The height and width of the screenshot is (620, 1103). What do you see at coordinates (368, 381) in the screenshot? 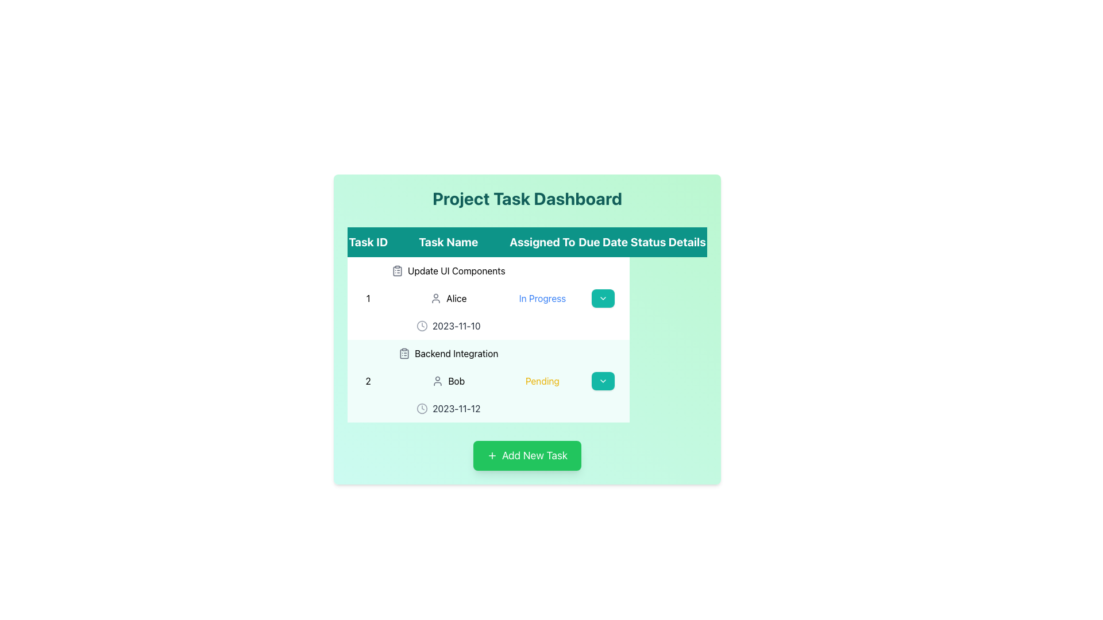
I see `the 'Task ID' text in the second row of the task table` at bounding box center [368, 381].